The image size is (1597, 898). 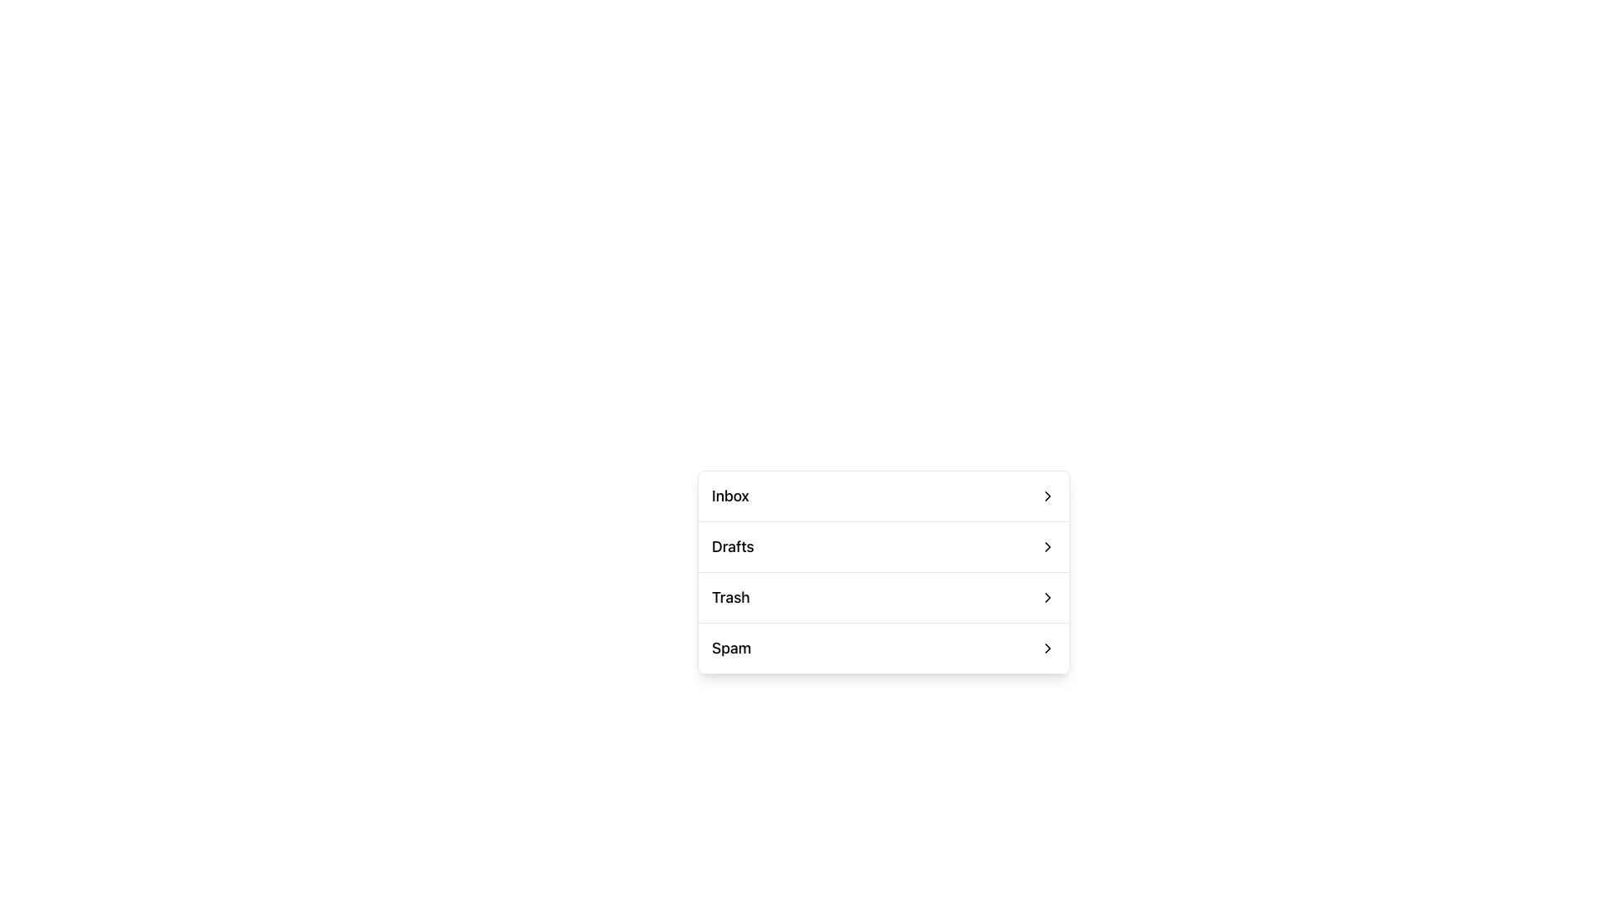 What do you see at coordinates (732, 547) in the screenshot?
I see `the 'Drafts' text label, which is the second item in the vertical menu list, positioned below 'Inbox' and above 'Trash'` at bounding box center [732, 547].